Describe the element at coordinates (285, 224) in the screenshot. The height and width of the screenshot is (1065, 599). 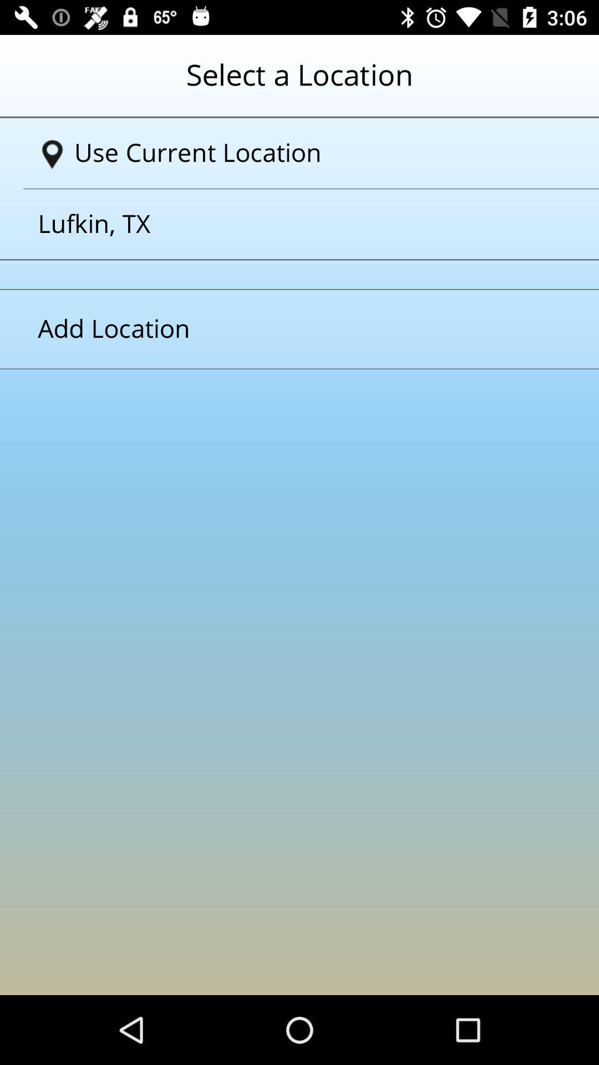
I see `lufkin tx` at that location.